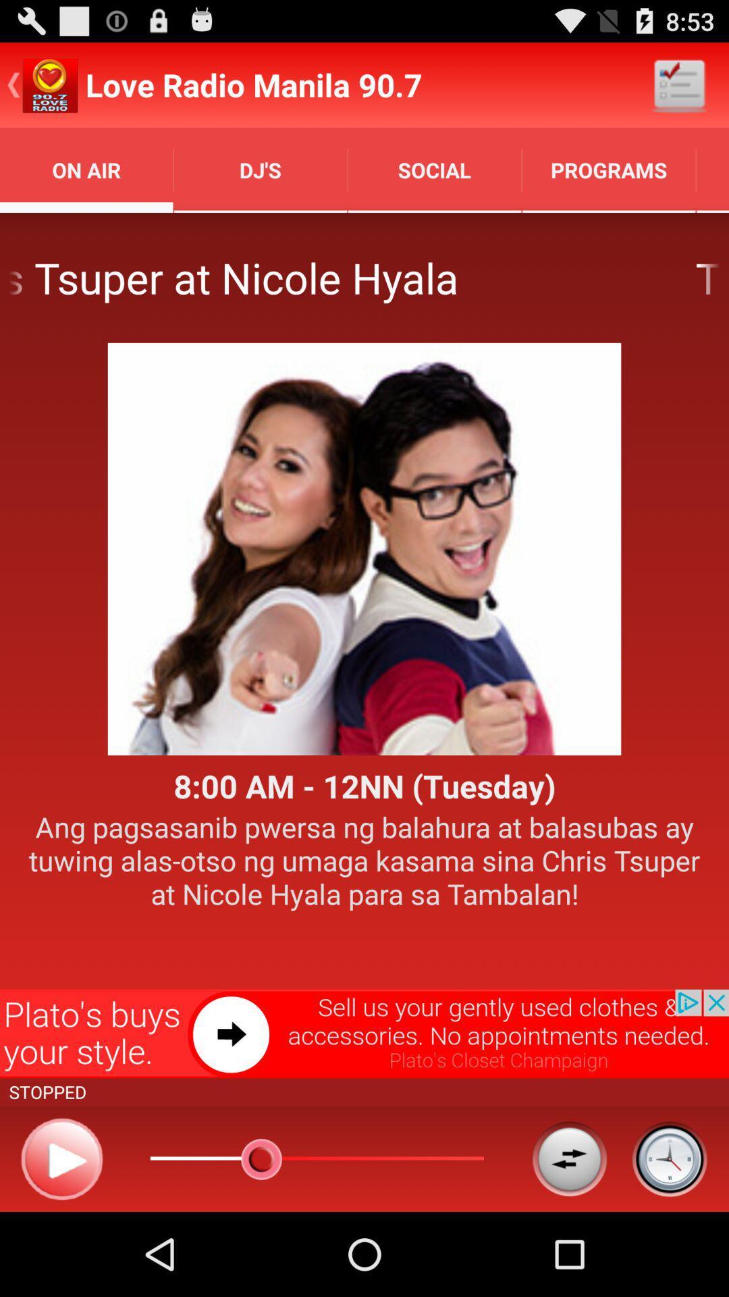  I want to click on play, so click(61, 1158).